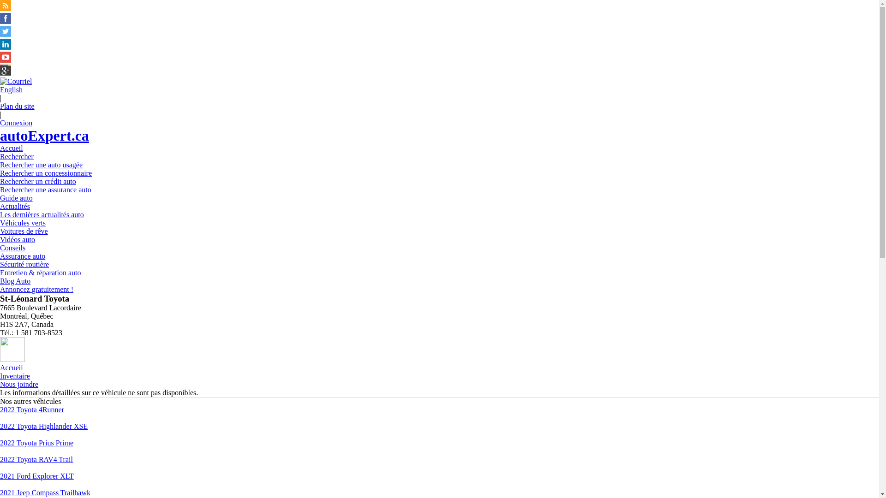 This screenshot has height=498, width=886. I want to click on 'Rechercher une assurance auto', so click(45, 189).